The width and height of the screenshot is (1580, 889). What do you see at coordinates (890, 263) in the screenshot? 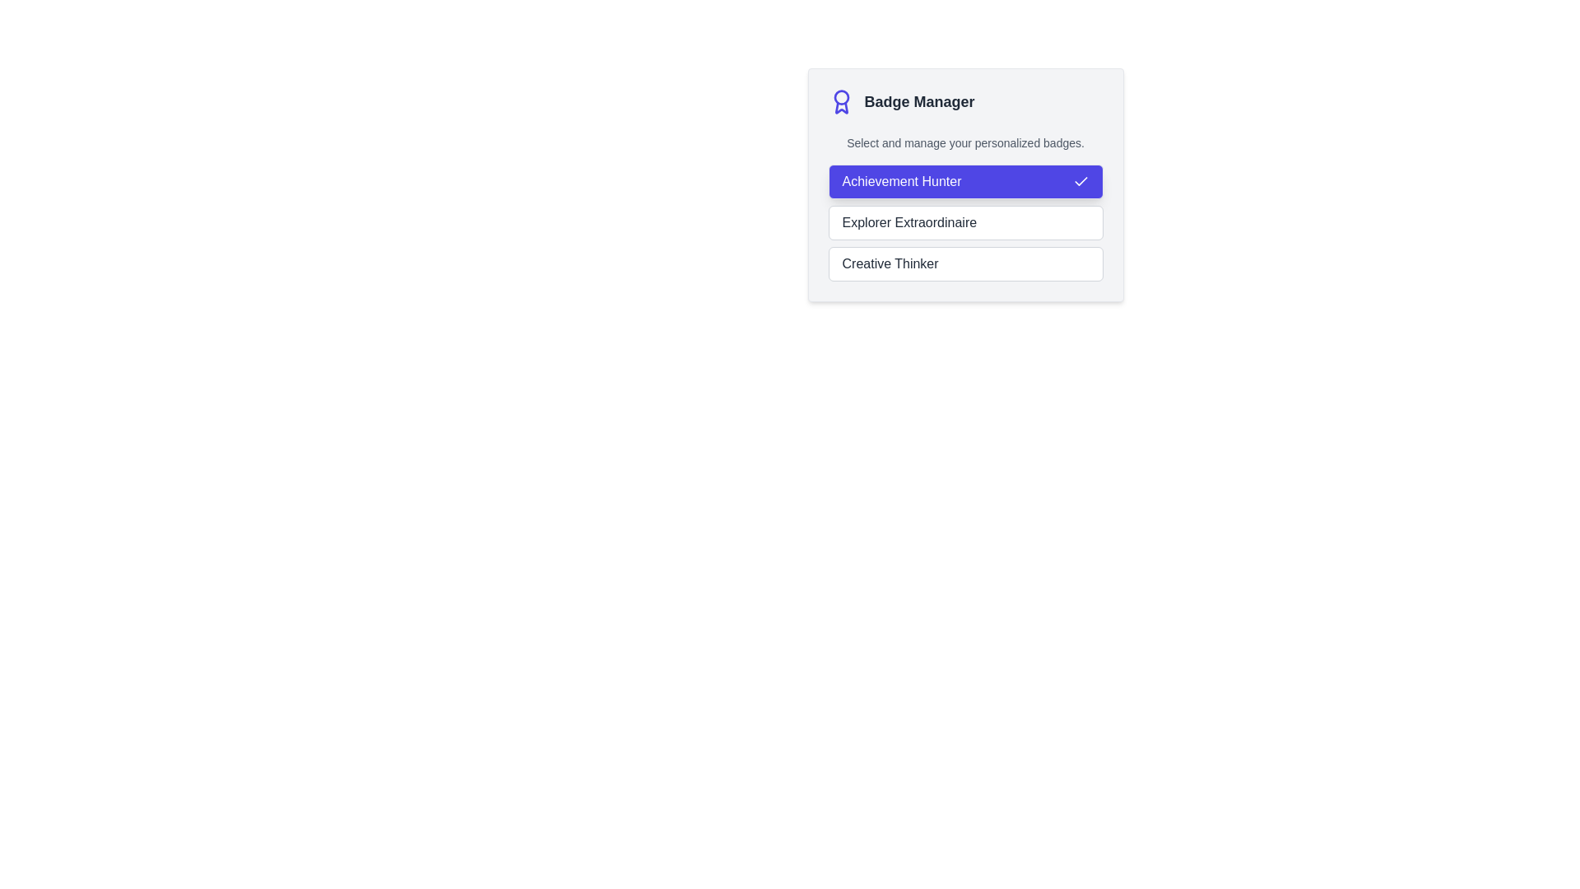
I see `the text label displaying 'Creative Thinker' in the Badge Manager interface, which is the third label in a list of selectable badges` at bounding box center [890, 263].